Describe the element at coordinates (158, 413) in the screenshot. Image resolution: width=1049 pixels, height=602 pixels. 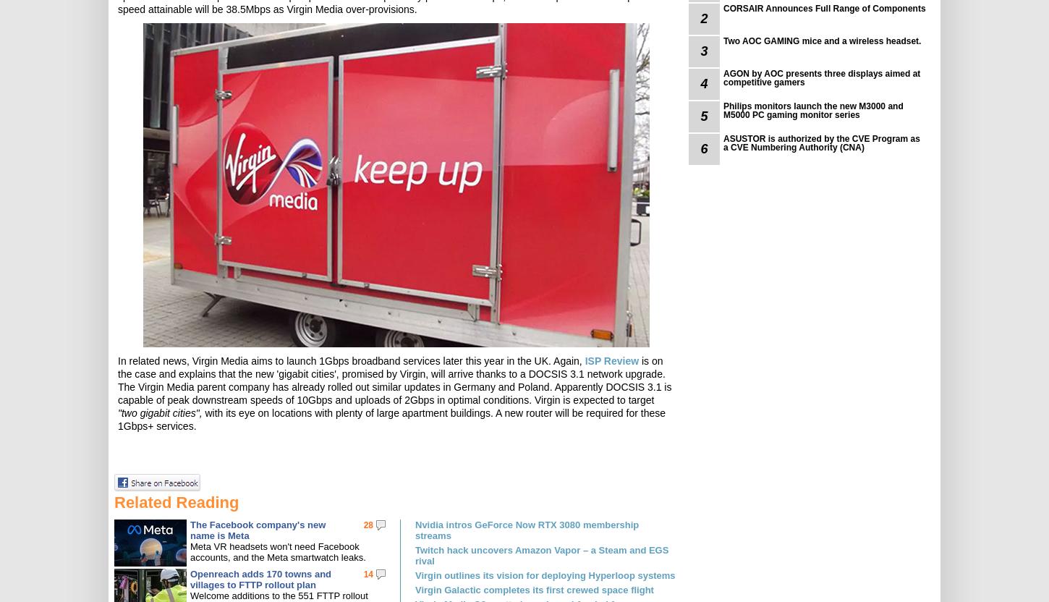
I see `'"two gigabit cities",'` at that location.